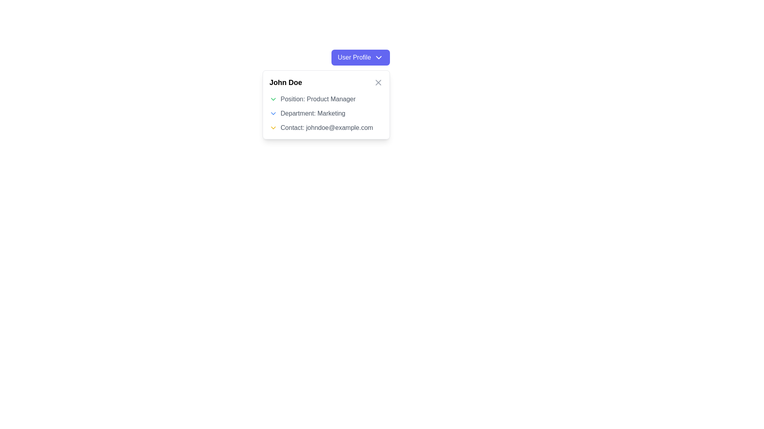  What do you see at coordinates (318, 99) in the screenshot?
I see `the text element displaying 'Position: Product Manager', which is located below the user's name in the card interface and above the other informational rows` at bounding box center [318, 99].